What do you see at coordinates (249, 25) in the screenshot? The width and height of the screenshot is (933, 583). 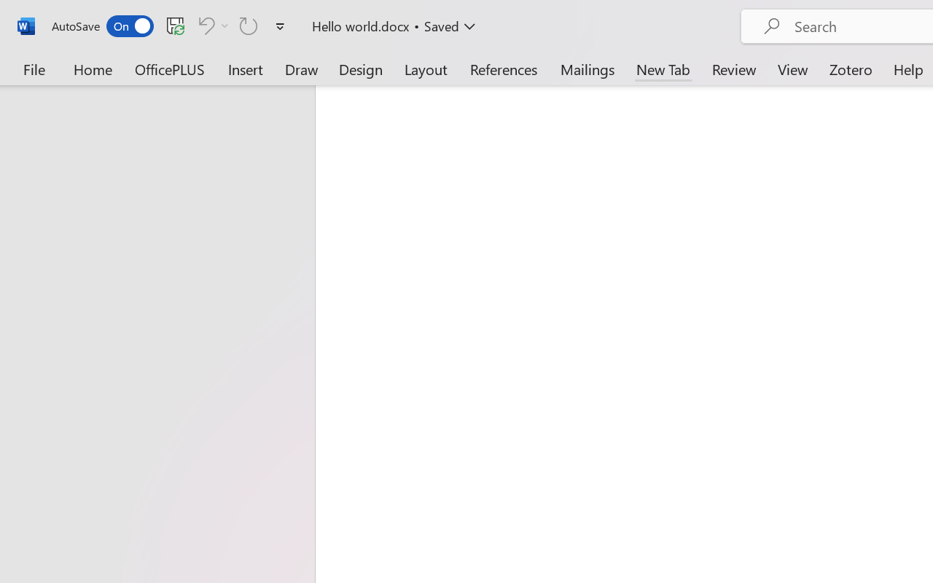 I see `'Can'` at bounding box center [249, 25].